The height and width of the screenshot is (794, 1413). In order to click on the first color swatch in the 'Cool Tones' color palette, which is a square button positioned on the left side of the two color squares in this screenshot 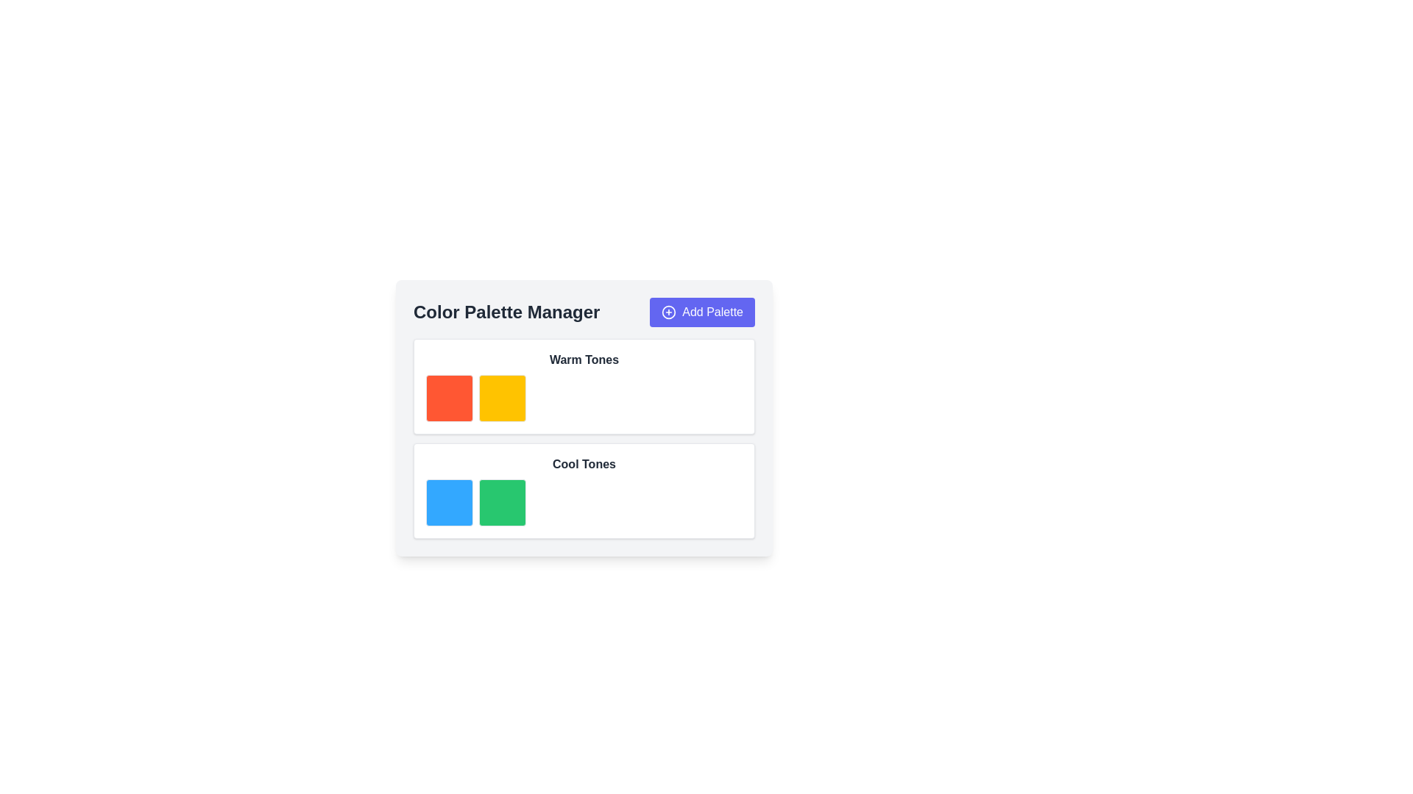, I will do `click(448, 501)`.